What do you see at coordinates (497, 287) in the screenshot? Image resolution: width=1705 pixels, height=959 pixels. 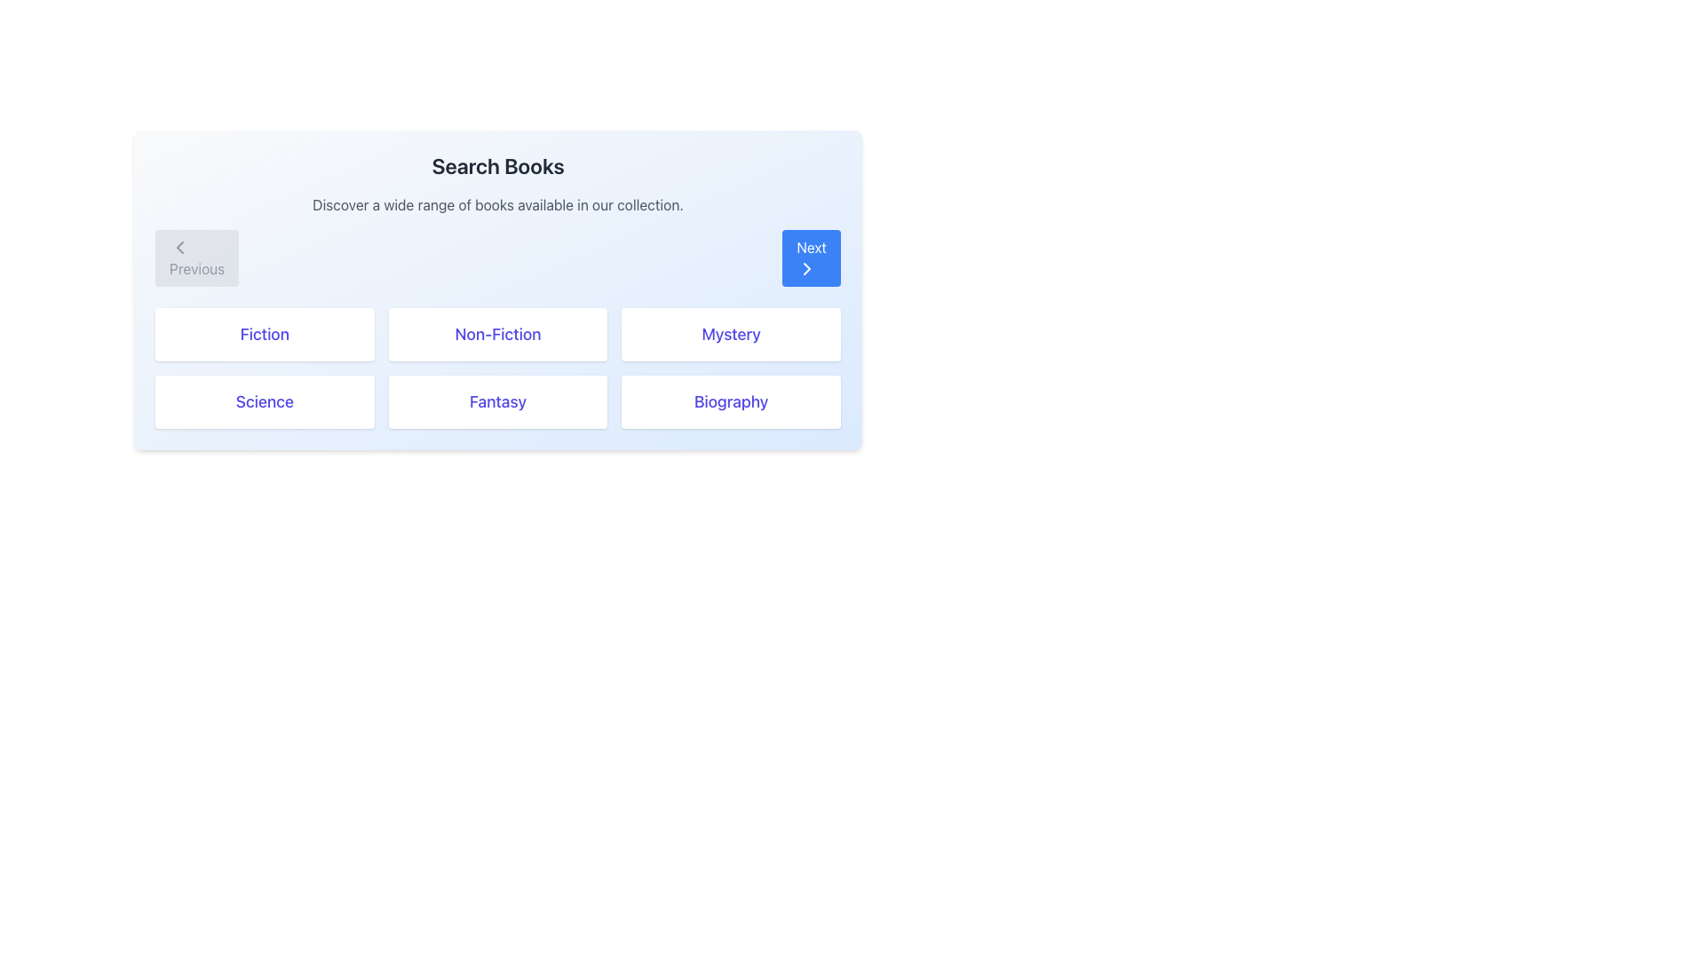 I see `the 'Search Books' modal overlay element` at bounding box center [497, 287].